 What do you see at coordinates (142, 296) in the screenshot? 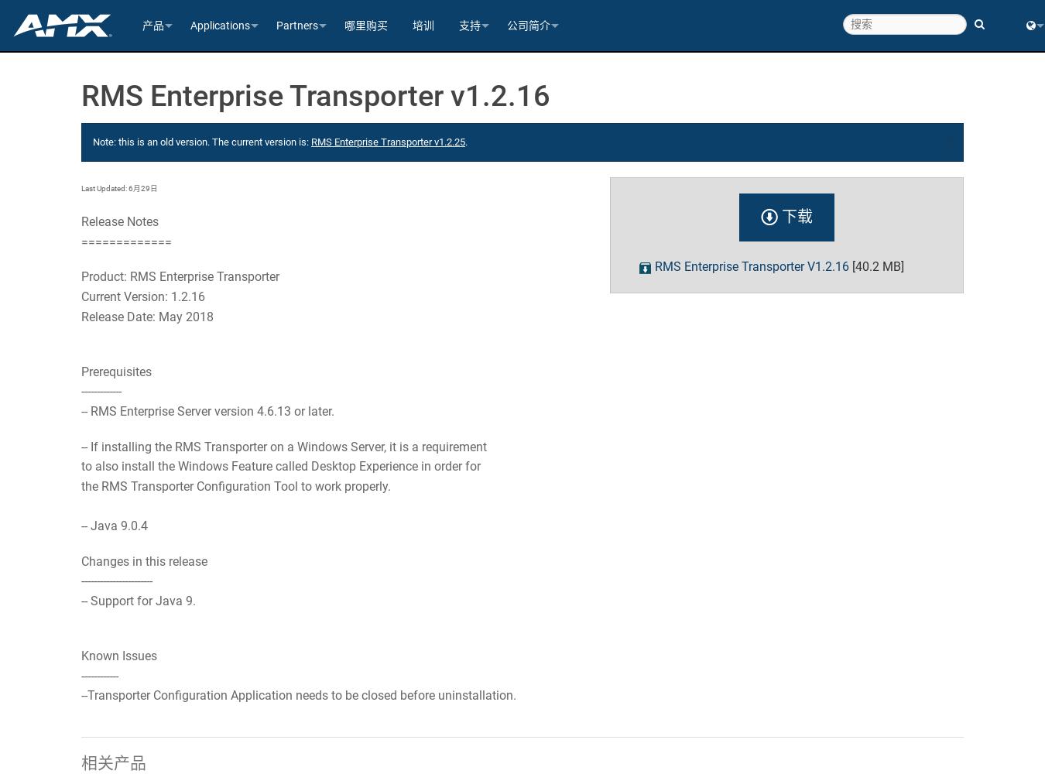
I see `'Current Version: 1.2.16'` at bounding box center [142, 296].